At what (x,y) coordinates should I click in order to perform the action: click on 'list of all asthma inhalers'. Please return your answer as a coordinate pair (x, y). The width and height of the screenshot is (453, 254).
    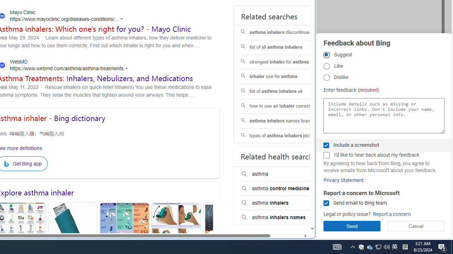
    Looking at the image, I should click on (286, 47).